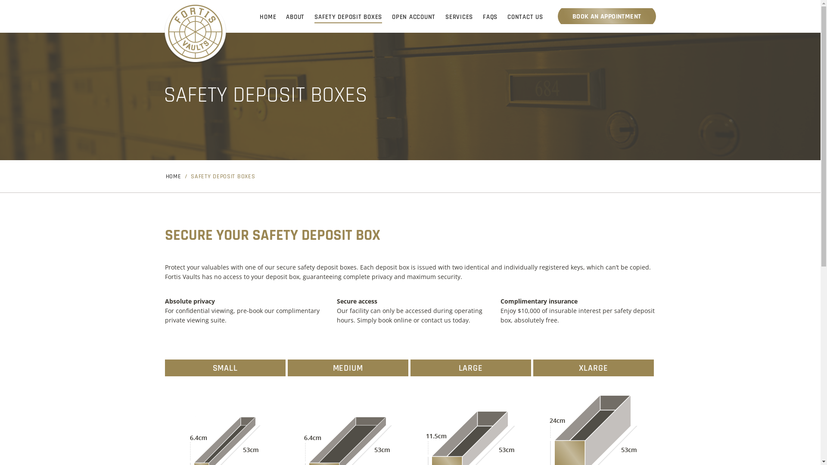  I want to click on 'SAFETY DEPOSIT BOXES', so click(223, 177).